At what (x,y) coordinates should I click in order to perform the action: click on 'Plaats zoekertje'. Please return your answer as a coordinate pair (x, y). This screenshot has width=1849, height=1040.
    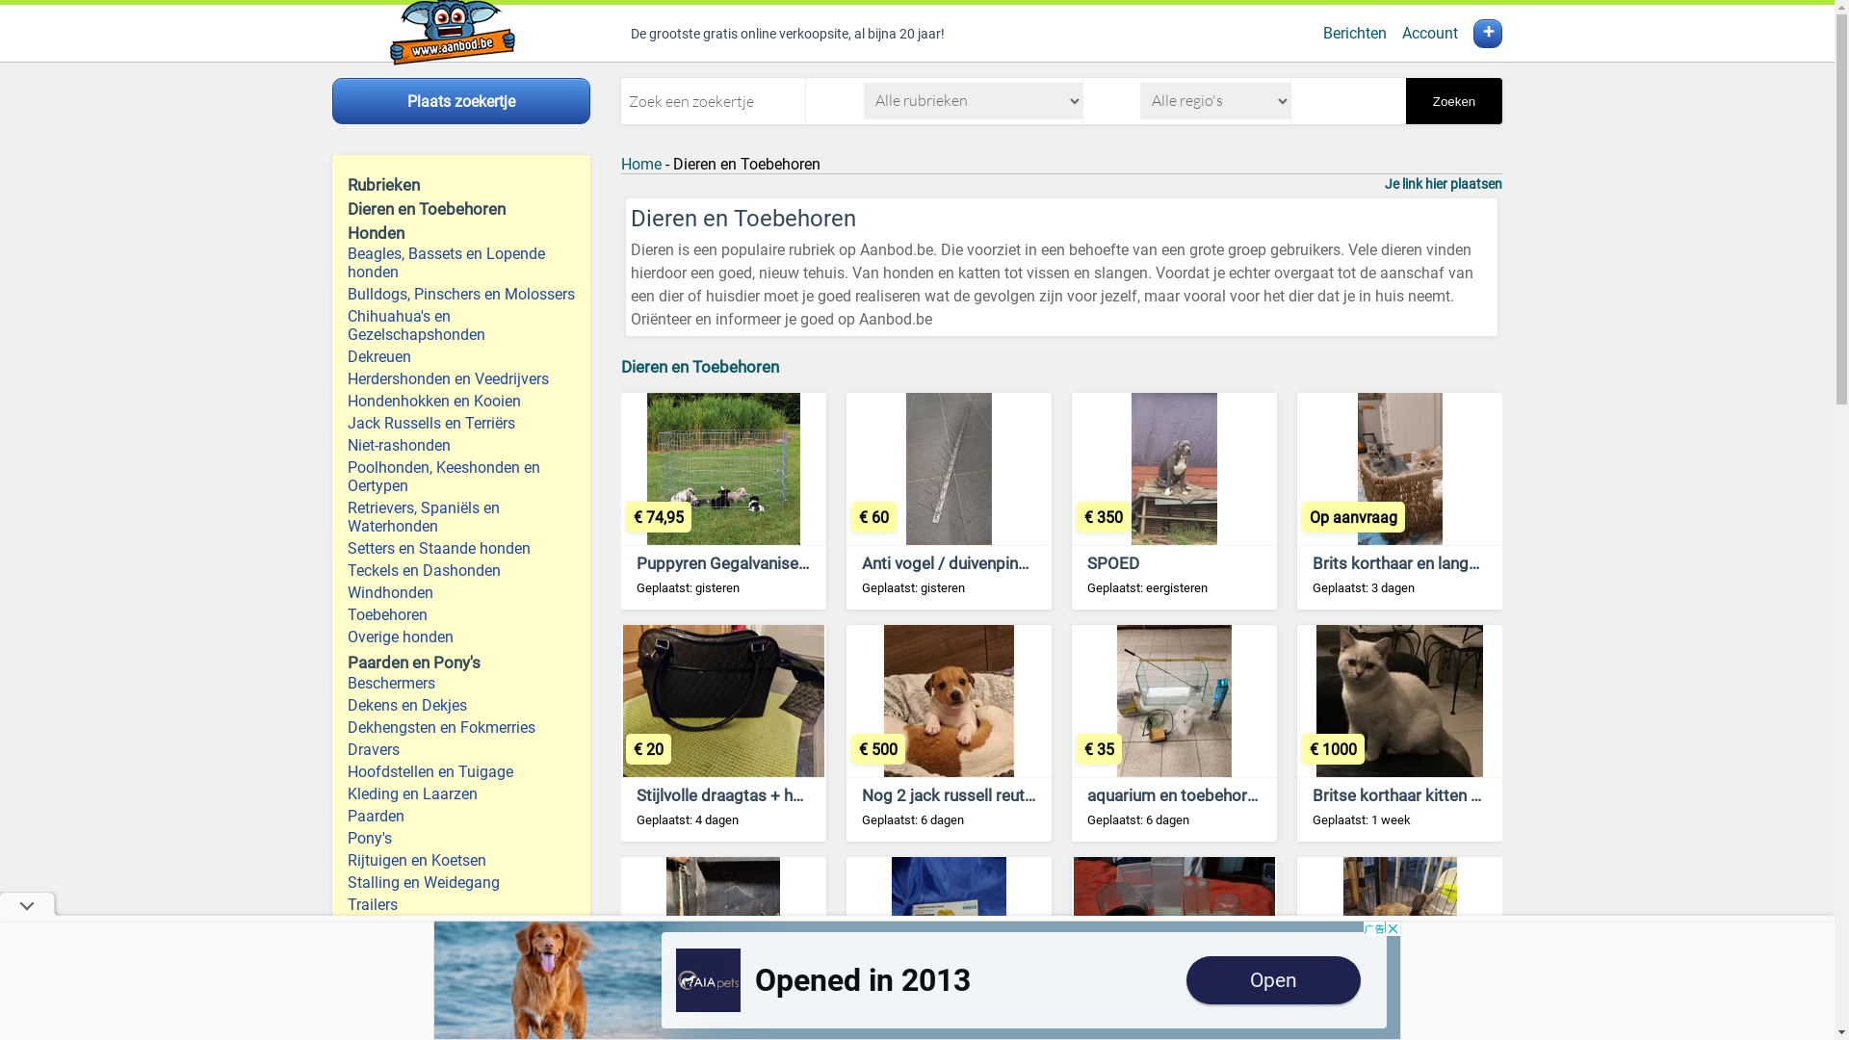
    Looking at the image, I should click on (460, 100).